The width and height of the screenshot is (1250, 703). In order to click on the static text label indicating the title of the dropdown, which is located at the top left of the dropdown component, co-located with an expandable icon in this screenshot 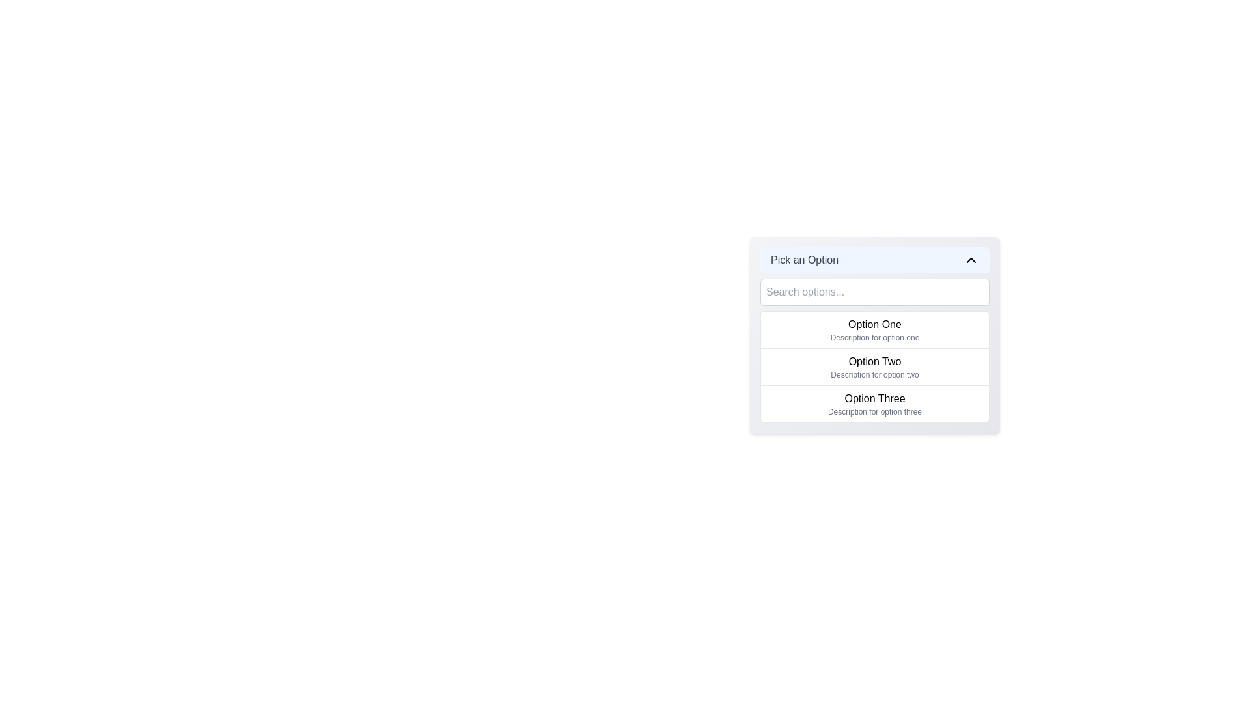, I will do `click(804, 260)`.